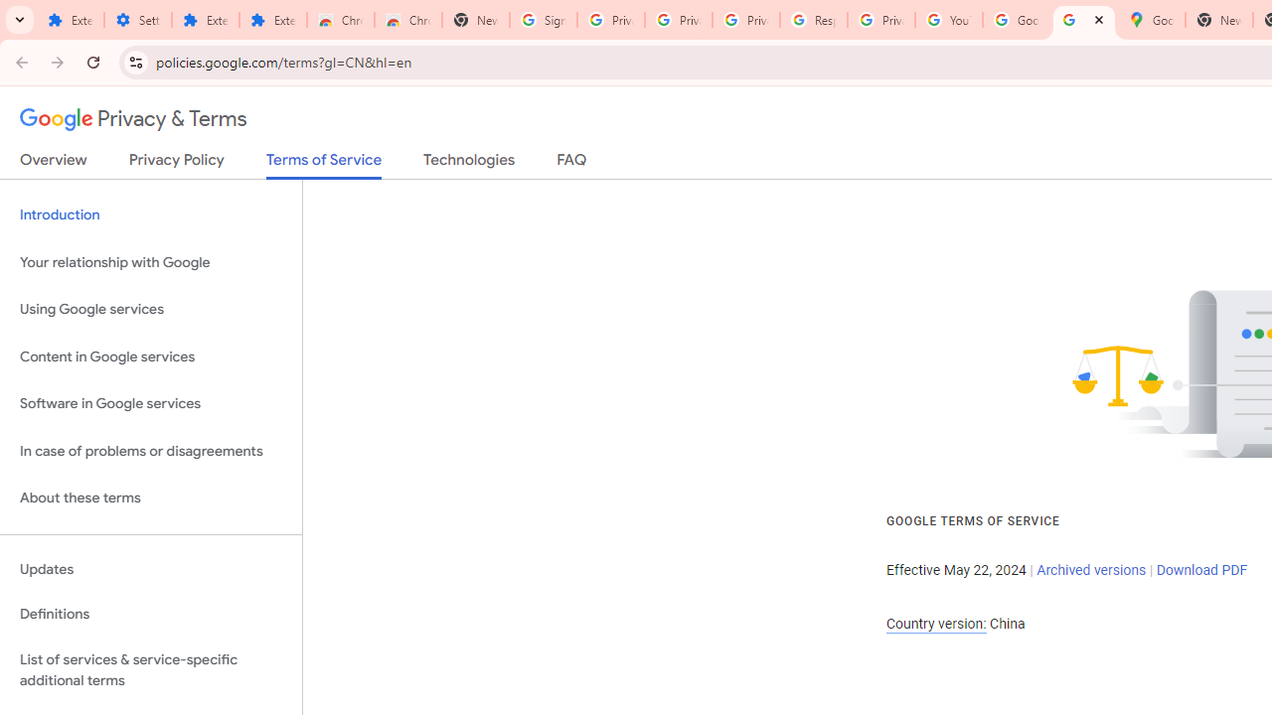 The width and height of the screenshot is (1272, 715). What do you see at coordinates (1090, 570) in the screenshot?
I see `'Archived versions'` at bounding box center [1090, 570].